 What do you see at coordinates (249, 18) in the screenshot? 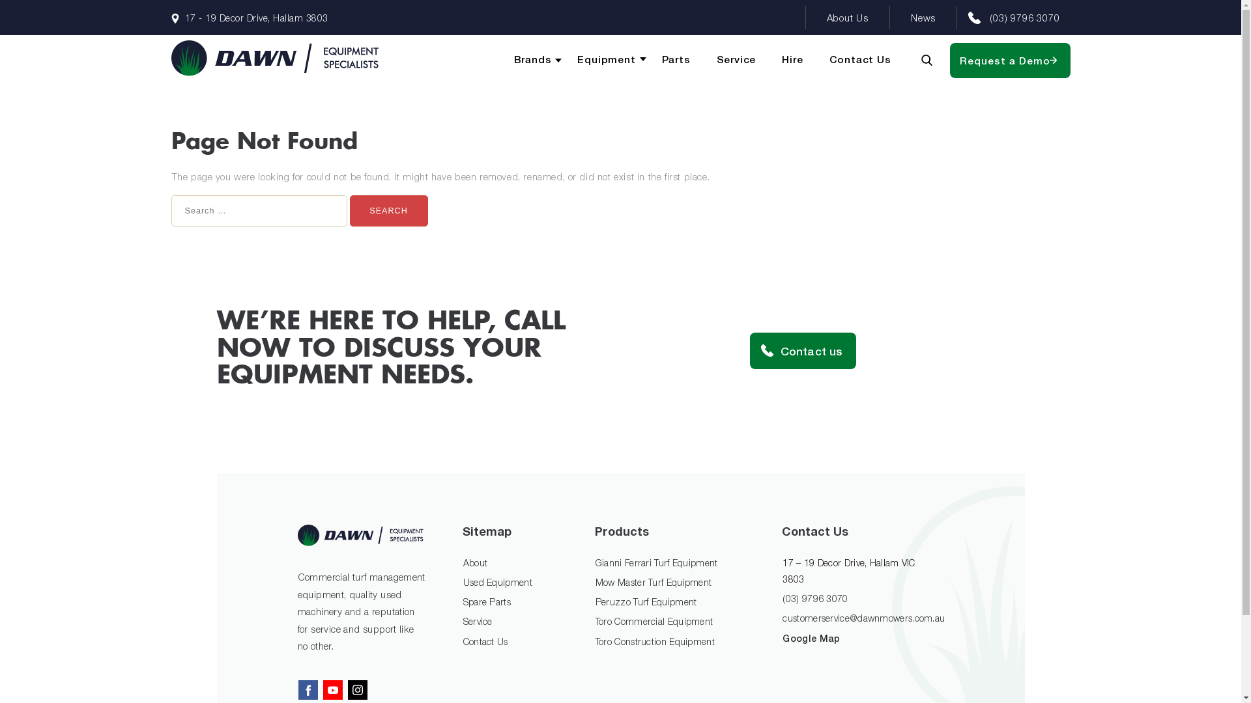
I see `'17 - 19 Decor Drive, Hallam 3803'` at bounding box center [249, 18].